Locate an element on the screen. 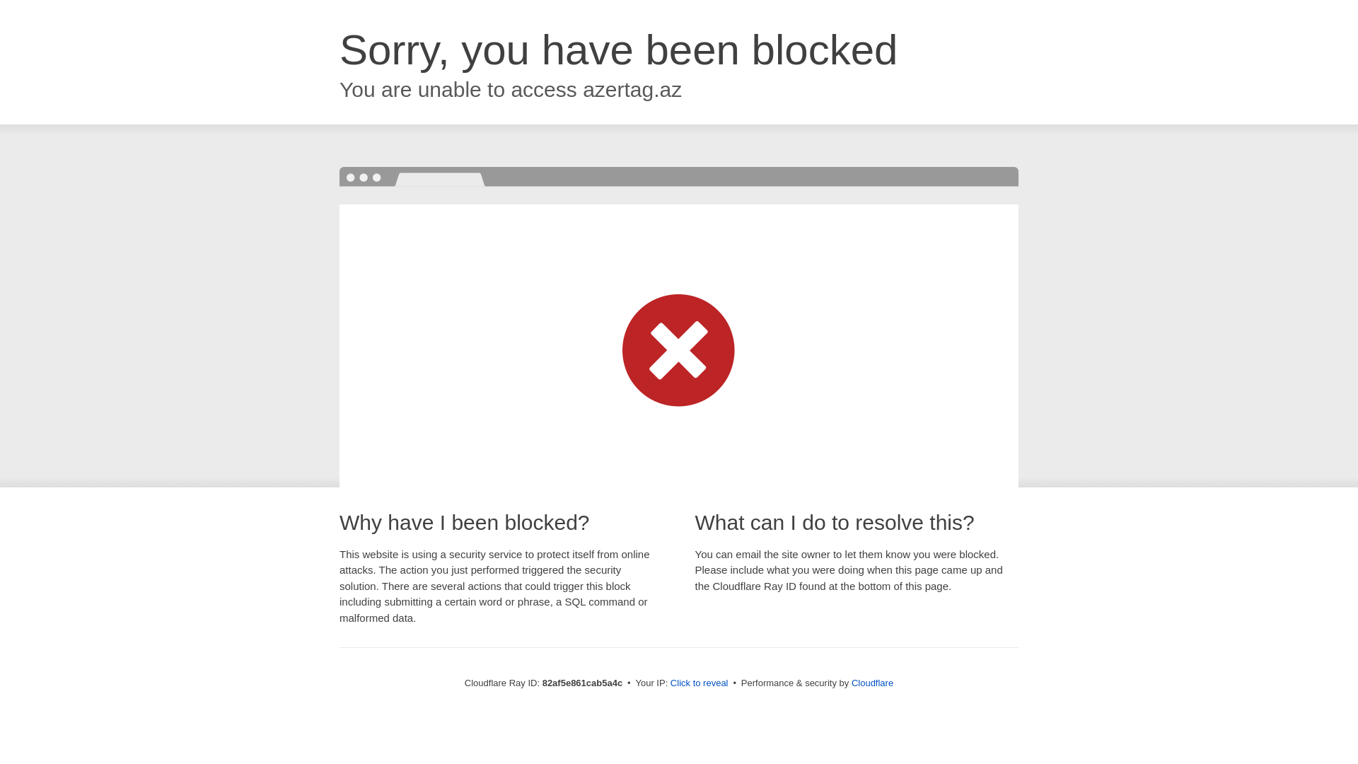  'Click to reveal' is located at coordinates (699, 682).